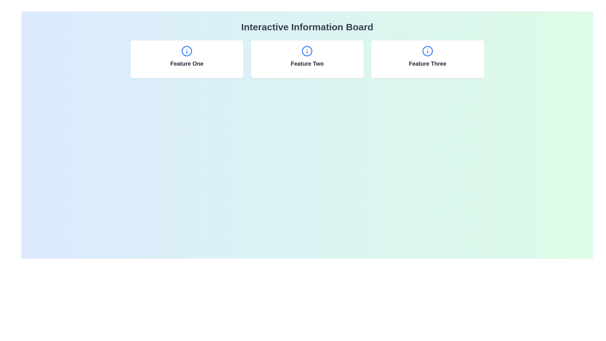  I want to click on the information icon, so click(307, 51).